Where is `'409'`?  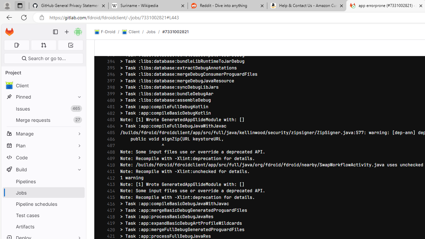
'409' is located at coordinates (109, 159).